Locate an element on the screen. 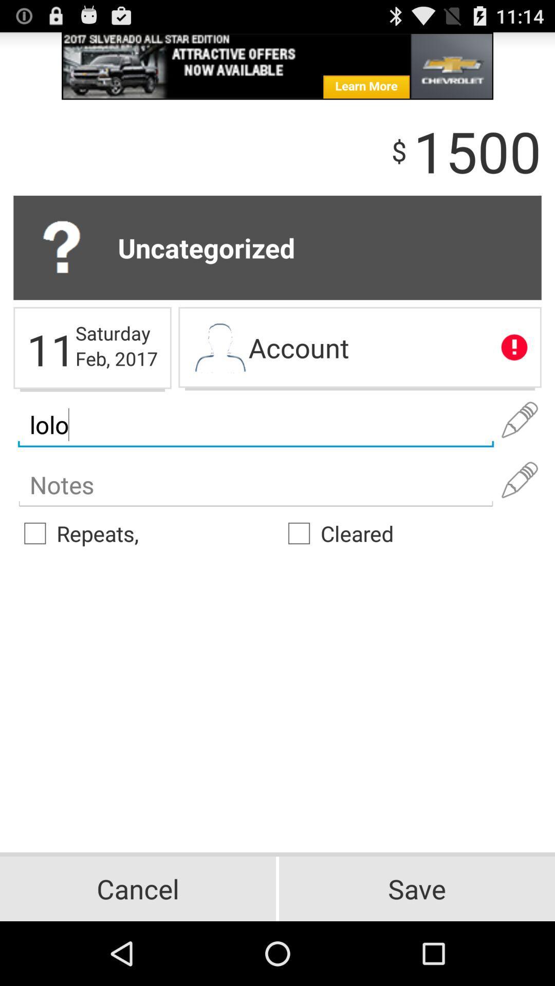 The image size is (555, 986). tax is located at coordinates (255, 485).